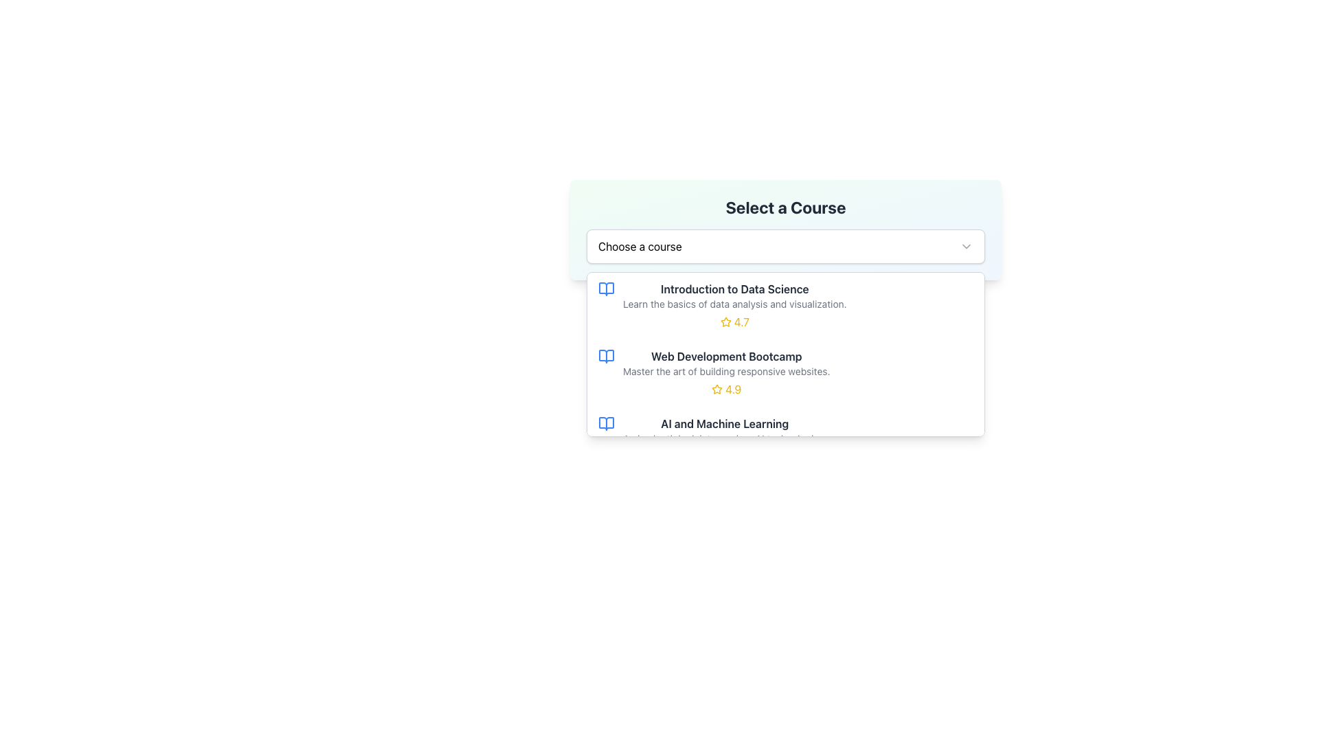  I want to click on the yellow text label displaying '4.9' that is aligned with the star icon and associated with the 'Web Development Bootcamp' course entry, so click(725, 390).